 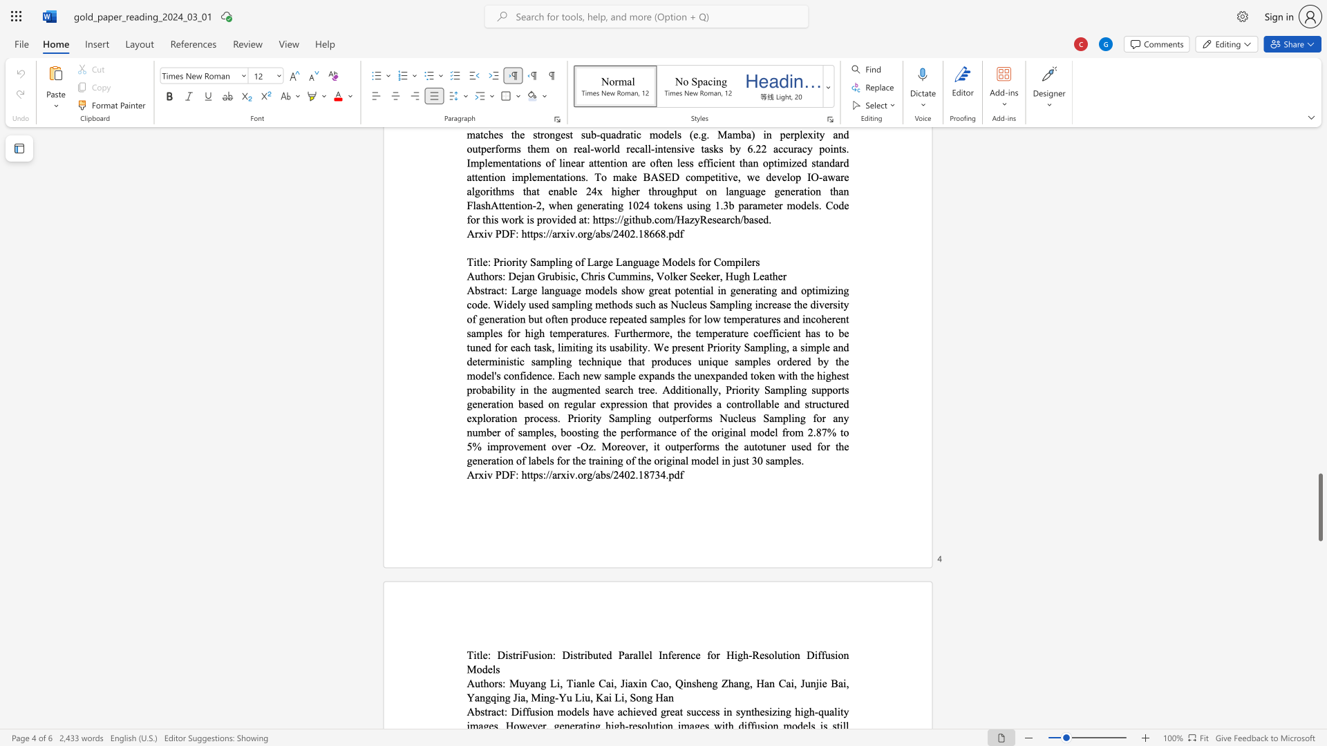 What do you see at coordinates (1319, 164) in the screenshot?
I see `the scrollbar to scroll the page up` at bounding box center [1319, 164].